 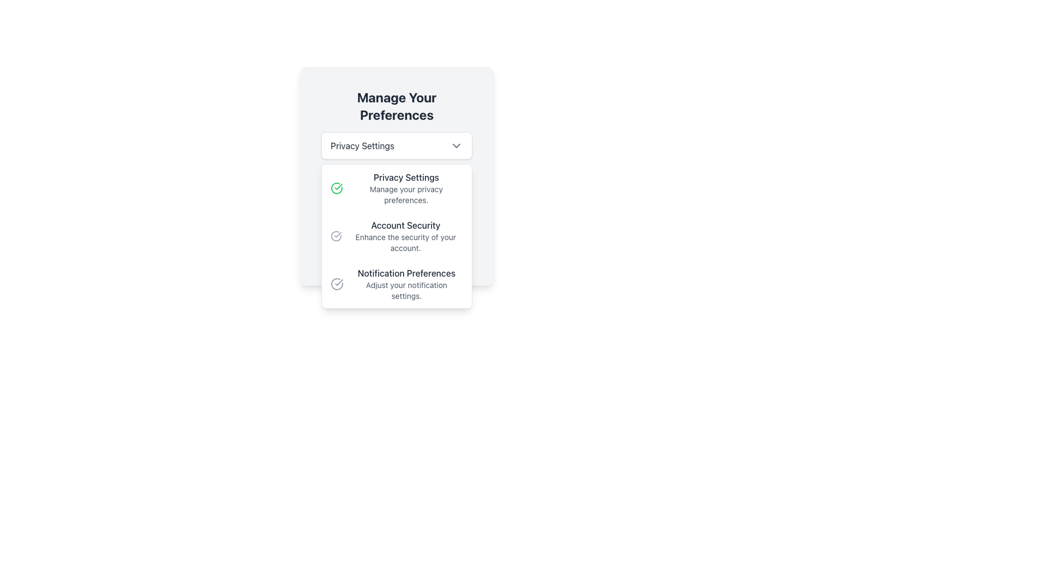 I want to click on the text label that provides a brief description for the privacy preferences setting option, located directly underneath the 'Privacy Settings' heading in the dropdown panel, so click(x=405, y=194).